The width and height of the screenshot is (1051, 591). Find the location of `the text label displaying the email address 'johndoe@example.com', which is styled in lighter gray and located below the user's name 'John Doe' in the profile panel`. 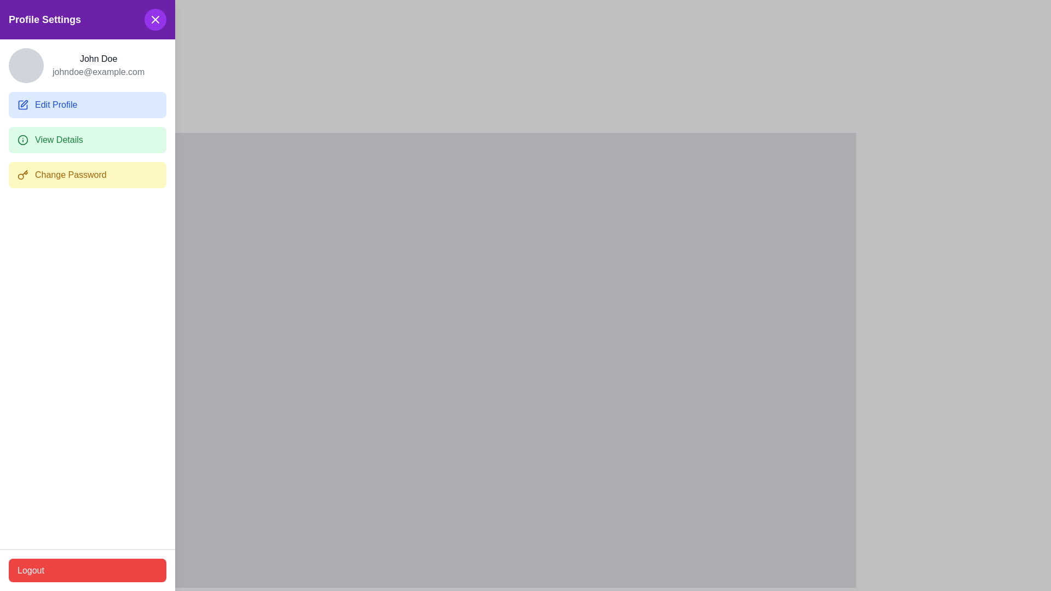

the text label displaying the email address 'johndoe@example.com', which is styled in lighter gray and located below the user's name 'John Doe' in the profile panel is located at coordinates (99, 72).